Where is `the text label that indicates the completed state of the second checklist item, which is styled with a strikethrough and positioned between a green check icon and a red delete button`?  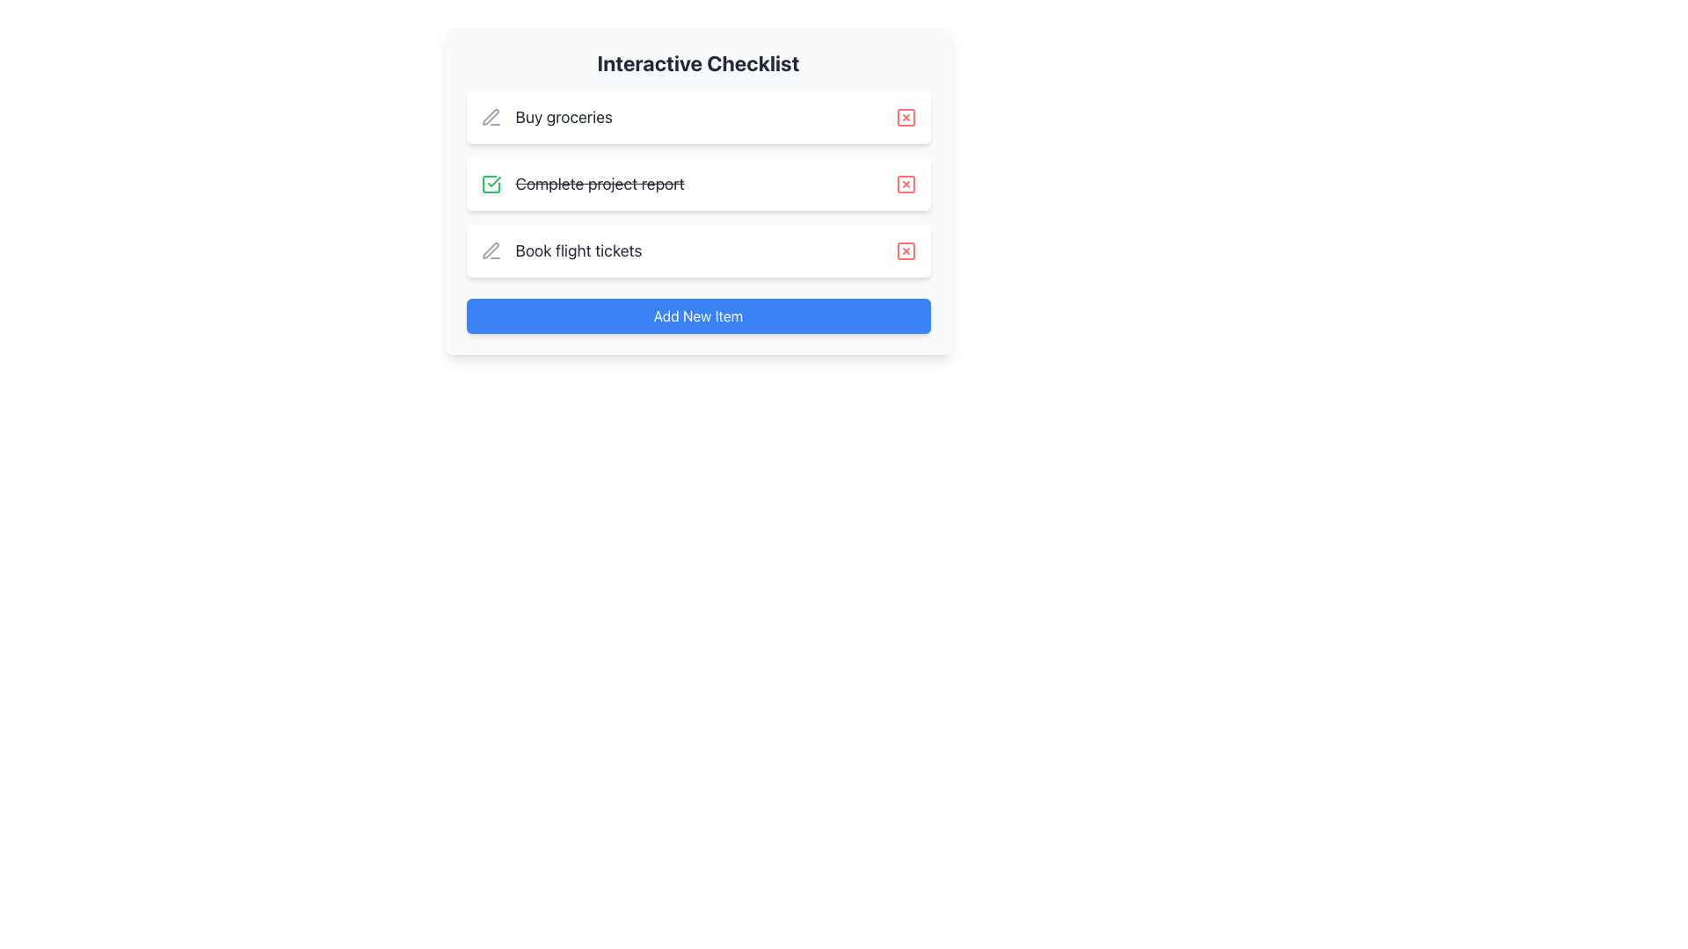 the text label that indicates the completed state of the second checklist item, which is styled with a strikethrough and positioned between a green check icon and a red delete button is located at coordinates (600, 184).